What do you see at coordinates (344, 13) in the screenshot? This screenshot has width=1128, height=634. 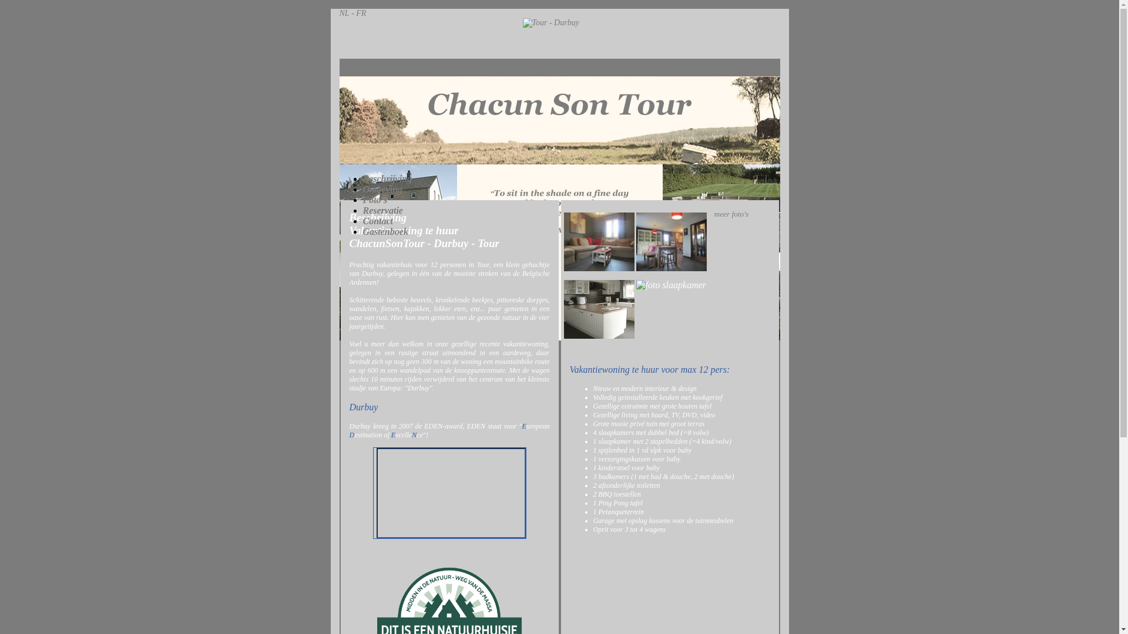 I see `'NL'` at bounding box center [344, 13].